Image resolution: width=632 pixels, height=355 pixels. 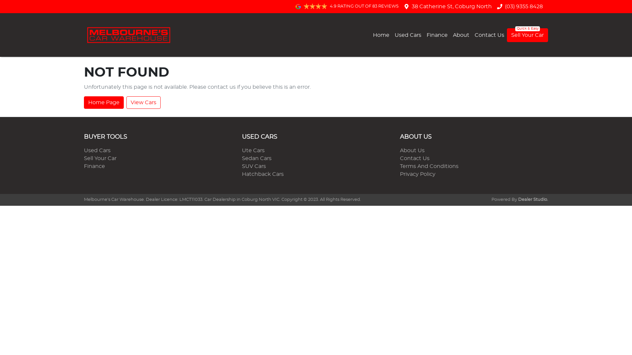 I want to click on '(03) 9355 8428', so click(x=505, y=6).